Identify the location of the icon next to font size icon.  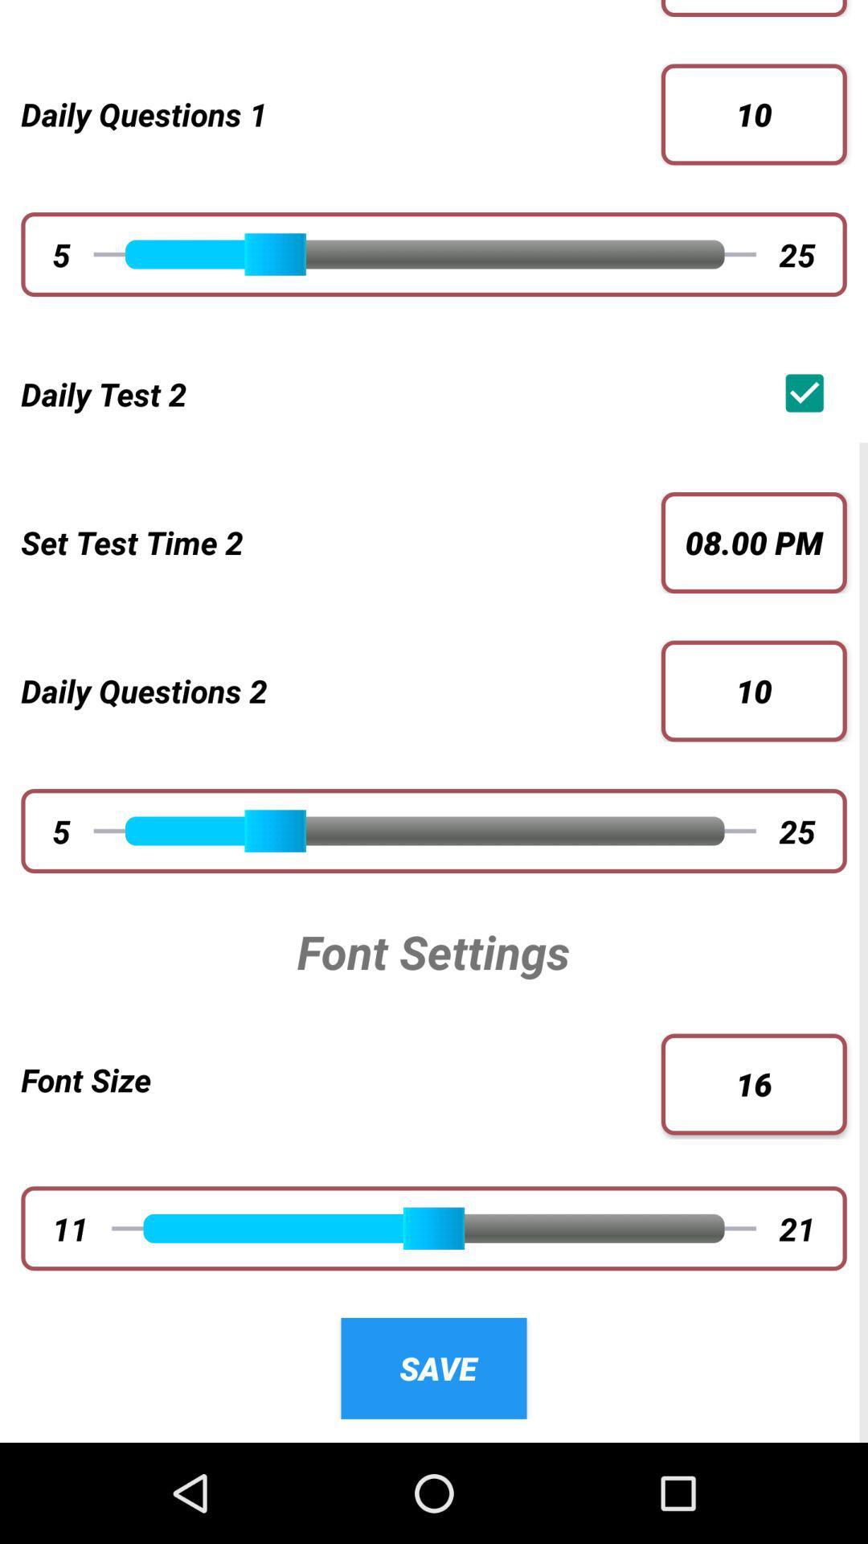
(754, 1084).